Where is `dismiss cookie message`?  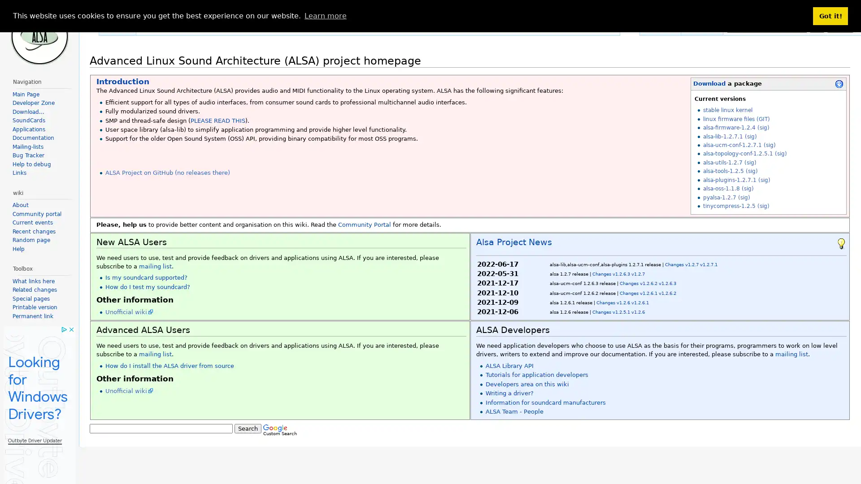 dismiss cookie message is located at coordinates (830, 16).